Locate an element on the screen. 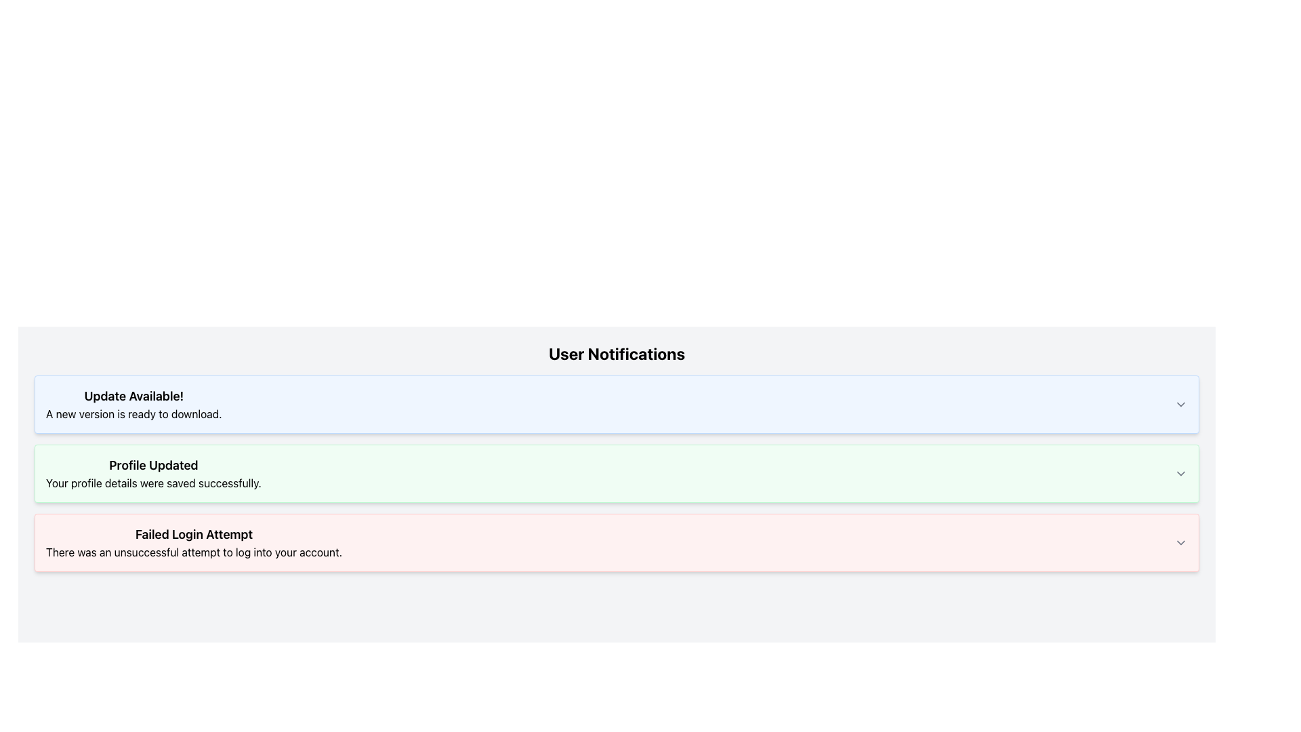 This screenshot has width=1301, height=732. the Static Notification Message that displays 'Failed Login Attempt' with a warning background is located at coordinates (193, 542).